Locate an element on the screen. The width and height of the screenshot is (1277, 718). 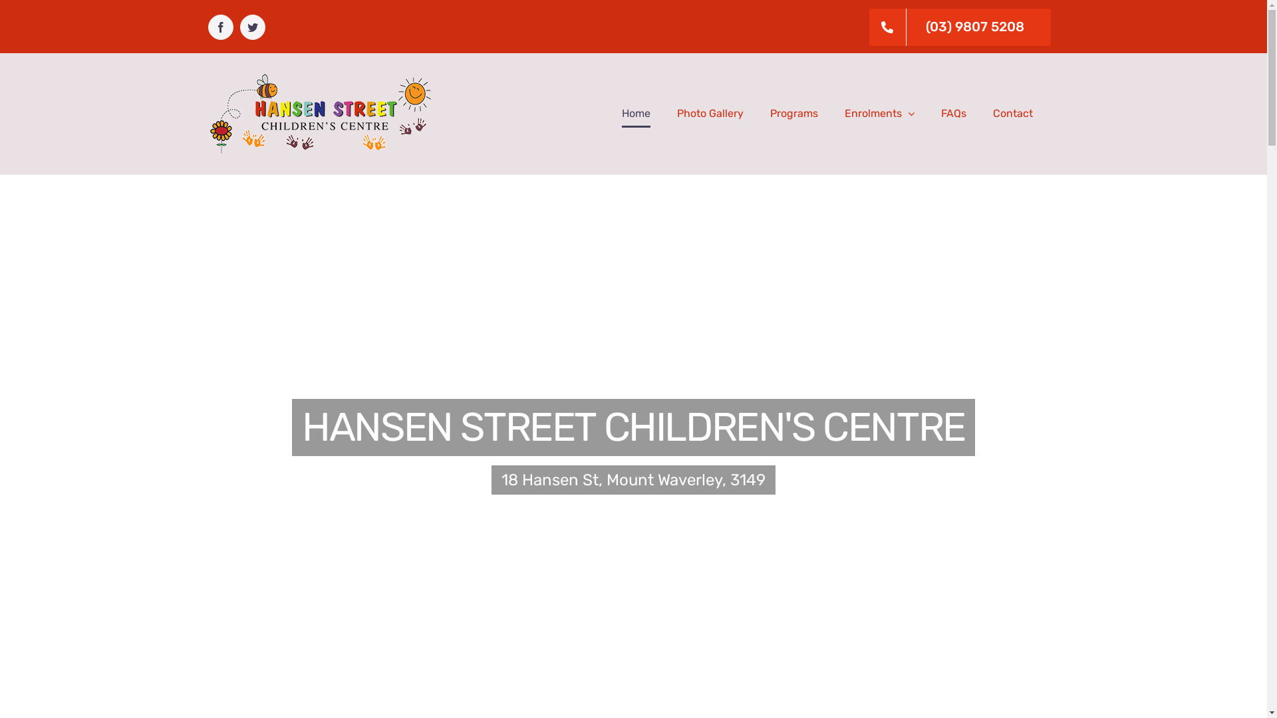
'FAQs' is located at coordinates (952, 112).